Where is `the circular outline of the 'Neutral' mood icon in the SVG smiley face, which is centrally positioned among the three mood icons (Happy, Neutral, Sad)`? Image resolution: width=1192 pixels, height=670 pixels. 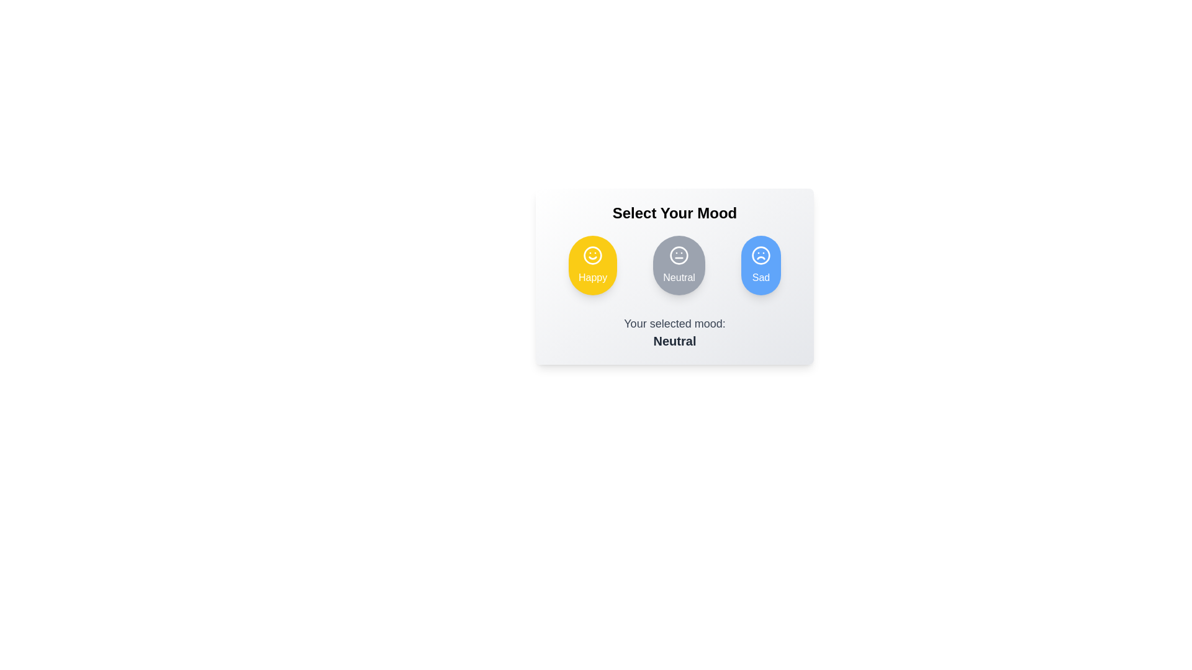 the circular outline of the 'Neutral' mood icon in the SVG smiley face, which is centrally positioned among the three mood icons (Happy, Neutral, Sad) is located at coordinates (679, 255).